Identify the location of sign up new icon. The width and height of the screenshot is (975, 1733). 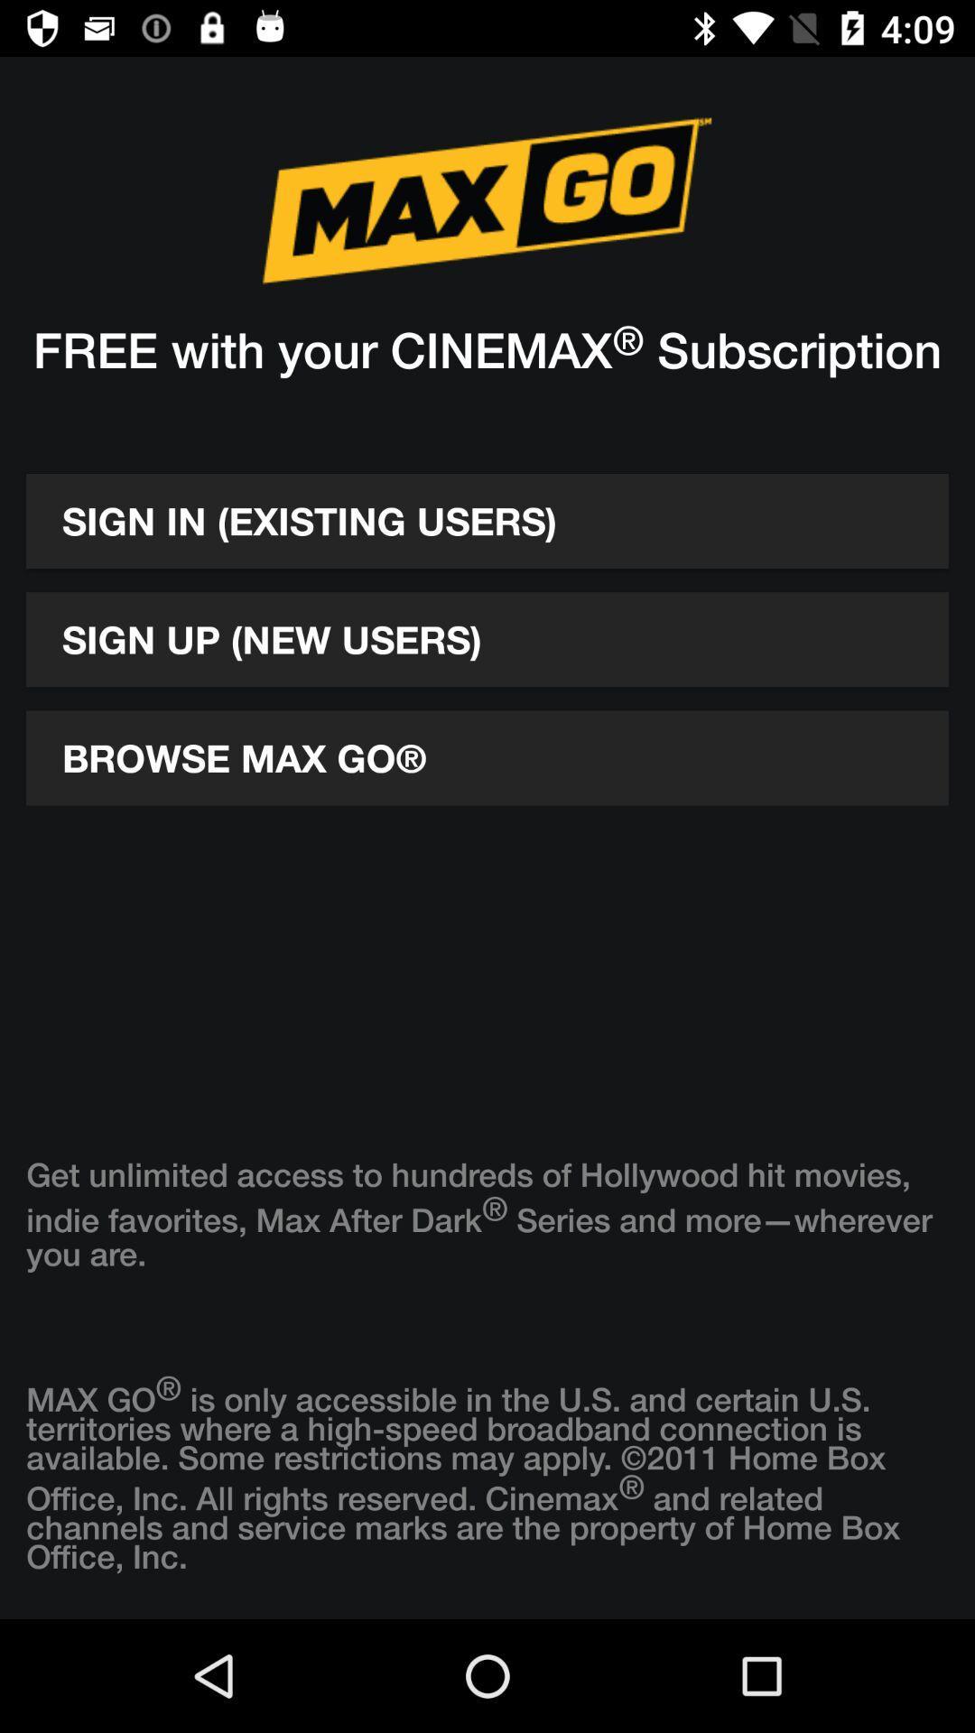
(487, 639).